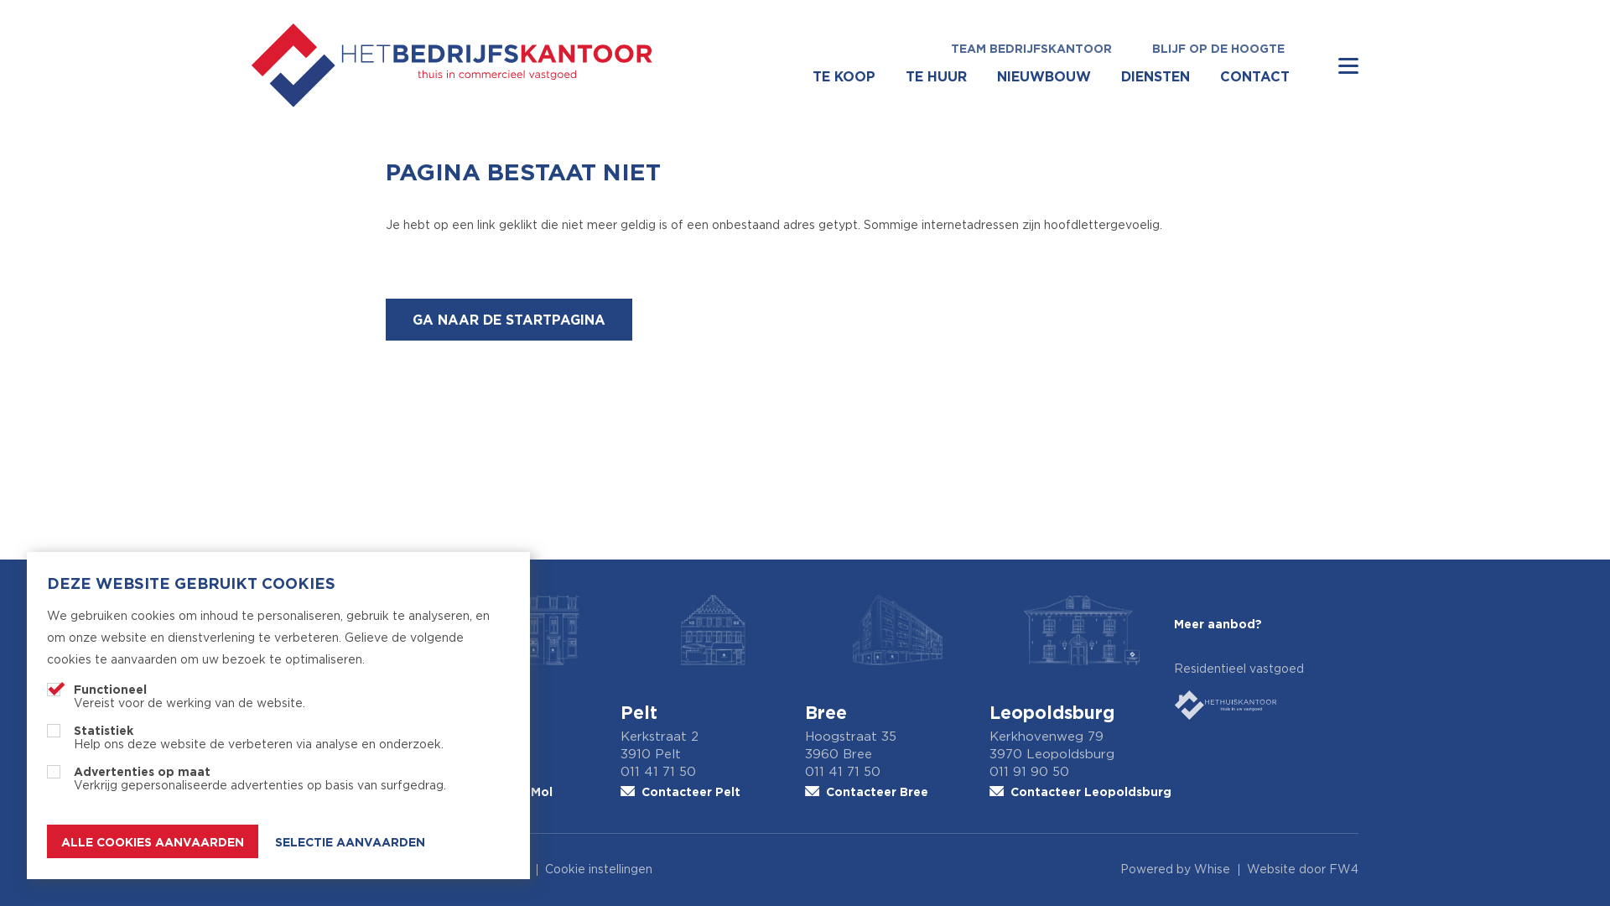 This screenshot has width=1610, height=906. Describe the element at coordinates (1301, 869) in the screenshot. I see `'Website door FW4'` at that location.